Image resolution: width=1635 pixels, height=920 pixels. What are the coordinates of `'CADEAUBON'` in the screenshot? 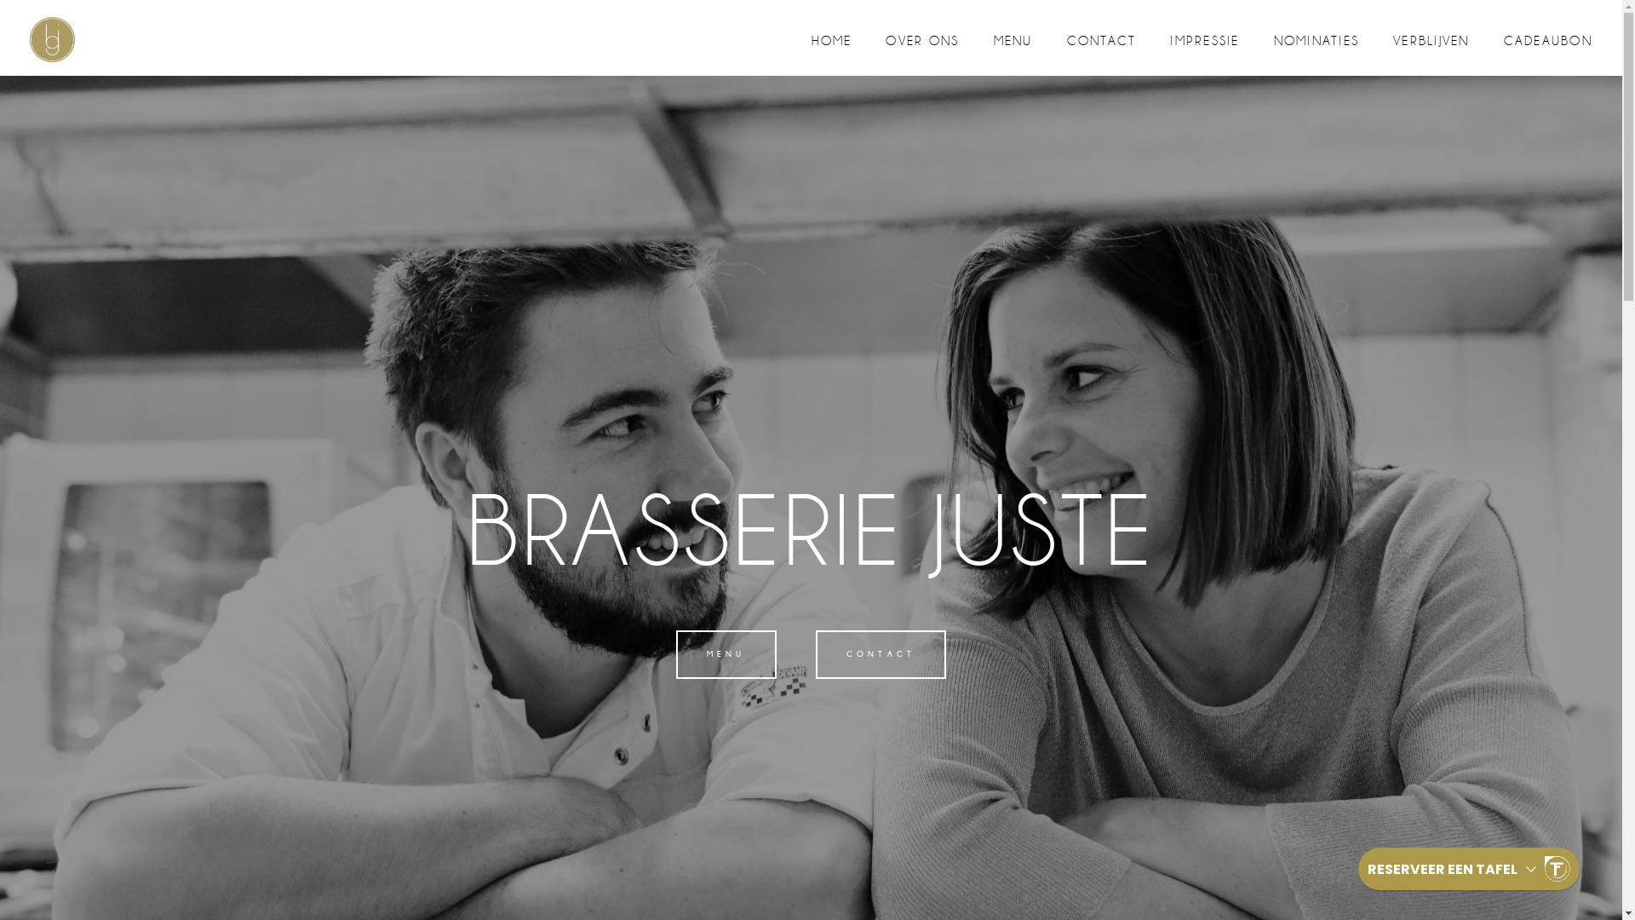 It's located at (1548, 39).